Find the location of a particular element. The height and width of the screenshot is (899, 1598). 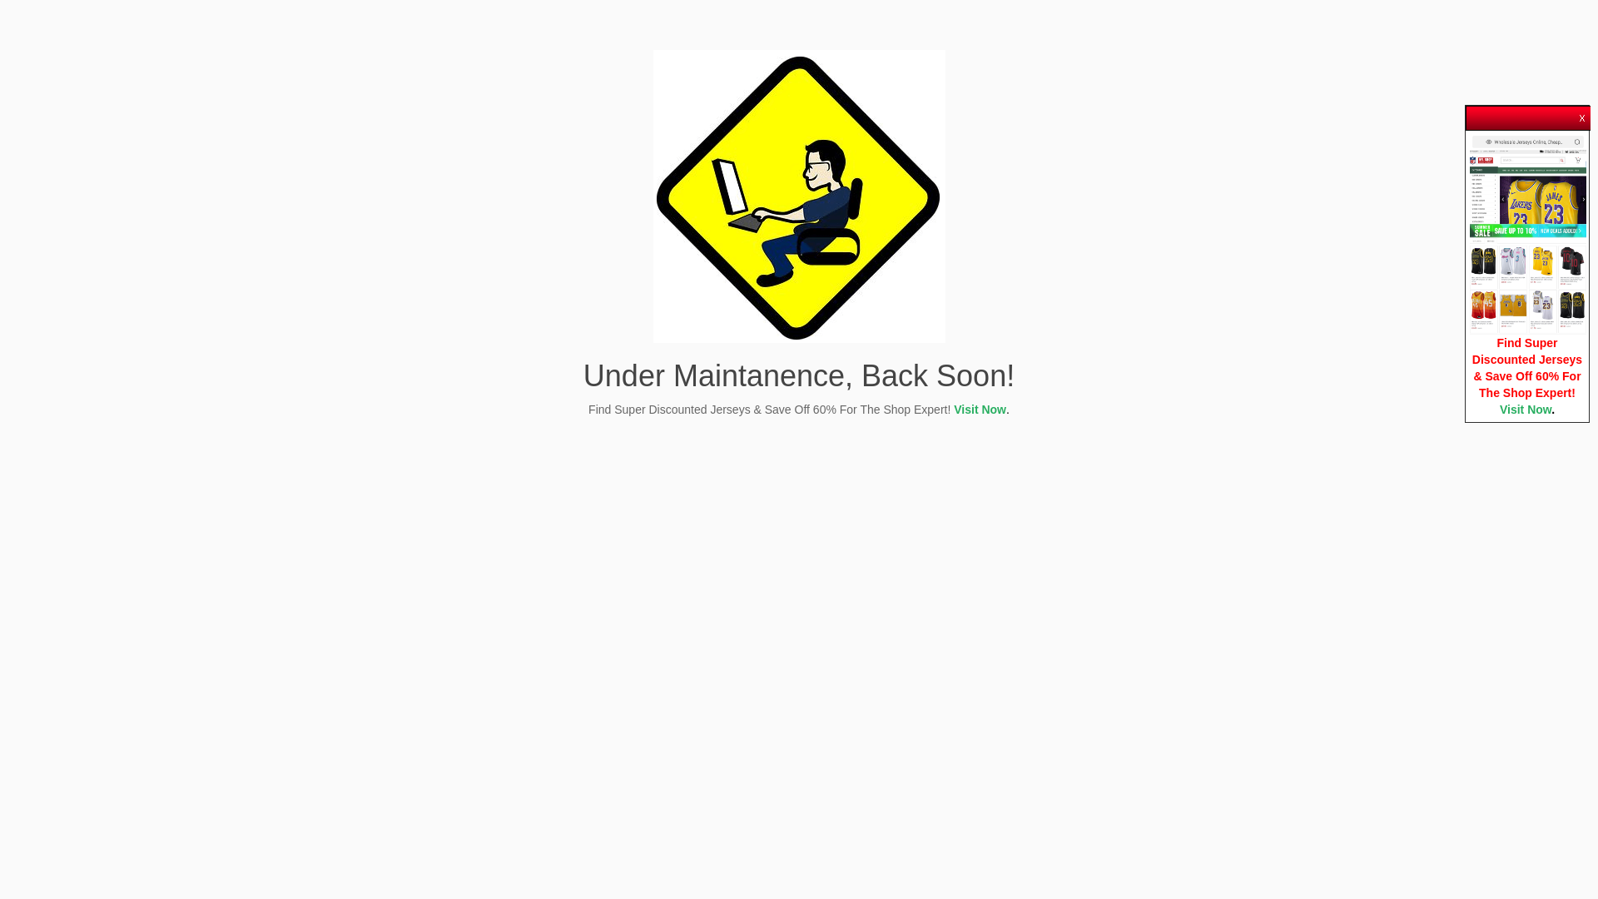

'Close' is located at coordinates (1581, 113).